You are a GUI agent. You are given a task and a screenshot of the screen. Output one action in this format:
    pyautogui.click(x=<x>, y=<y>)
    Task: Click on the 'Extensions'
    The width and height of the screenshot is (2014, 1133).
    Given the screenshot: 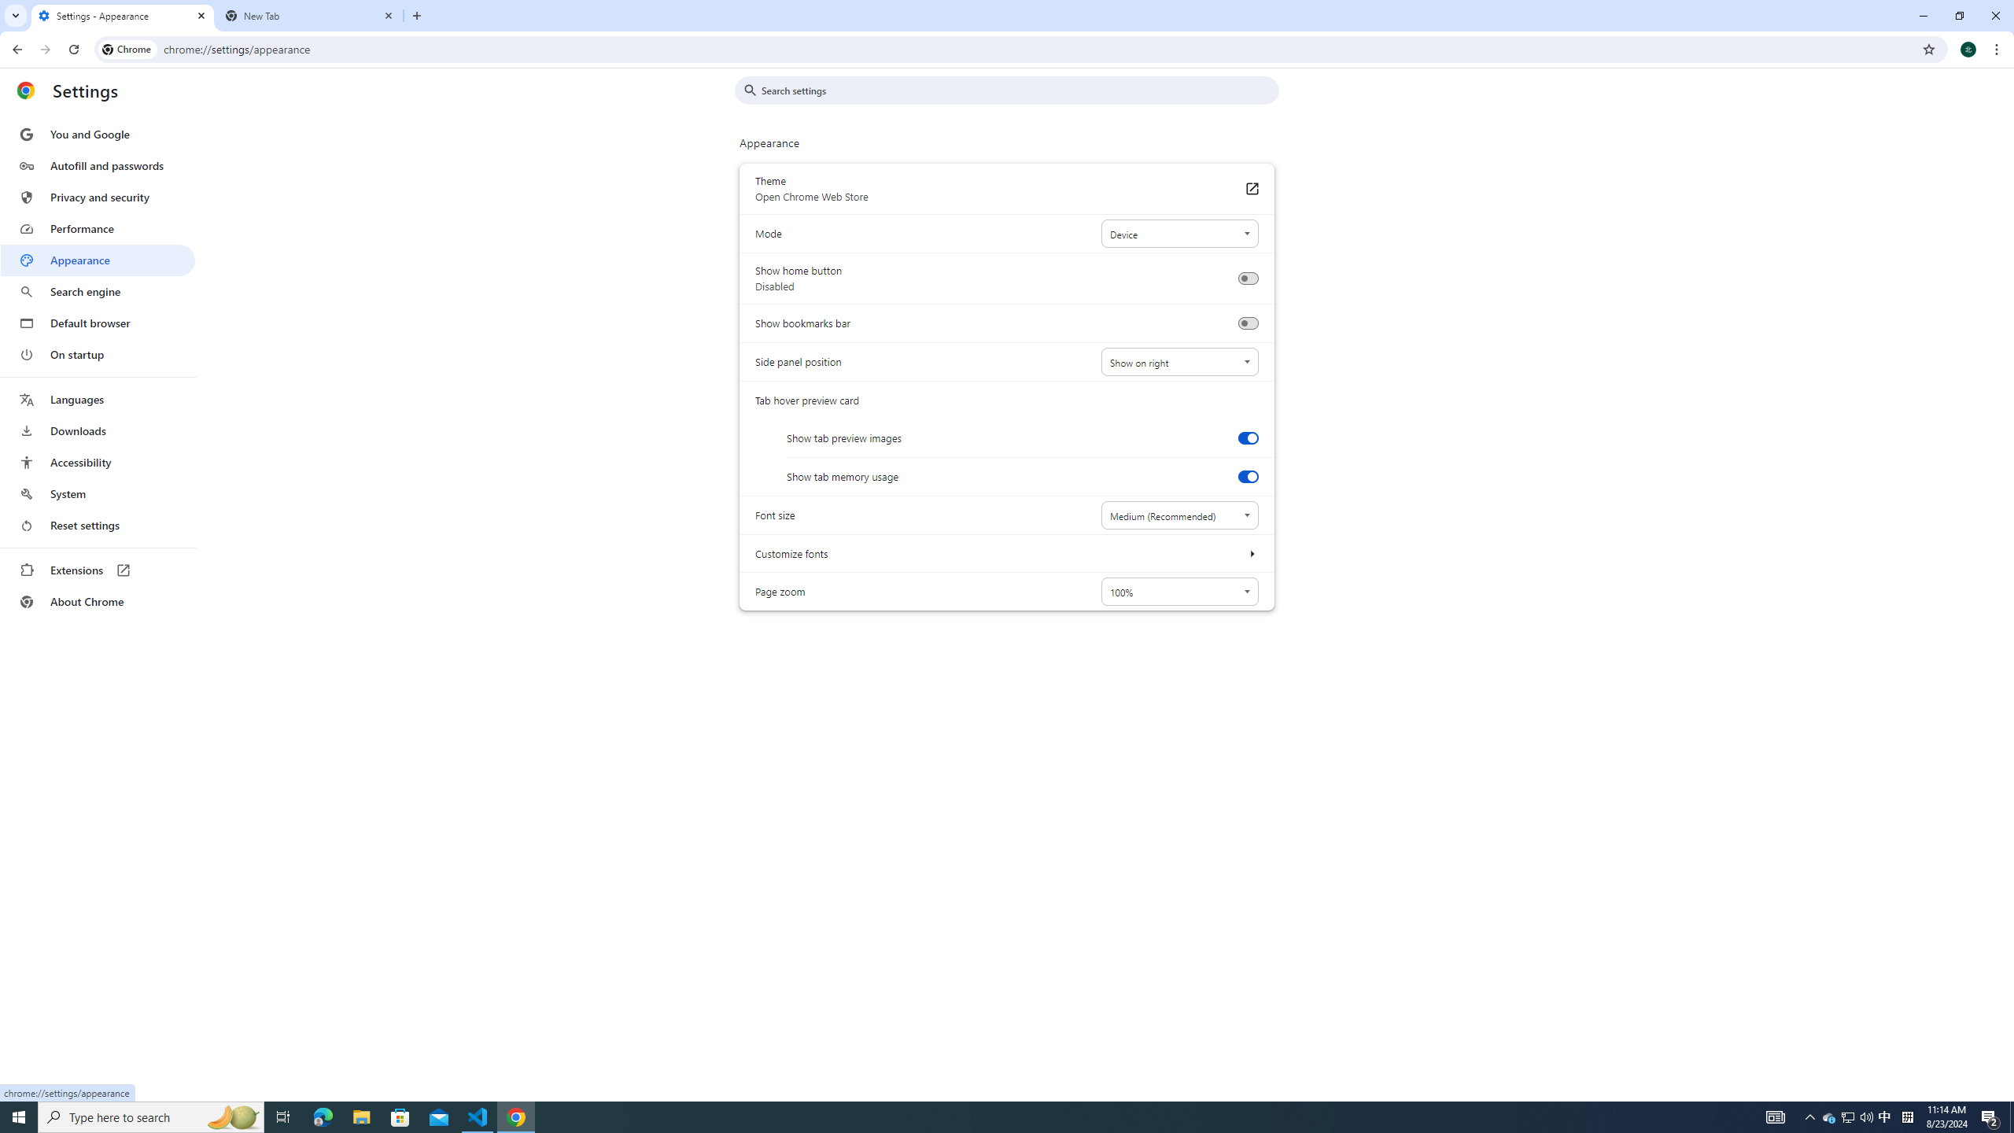 What is the action you would take?
    pyautogui.click(x=97, y=570)
    